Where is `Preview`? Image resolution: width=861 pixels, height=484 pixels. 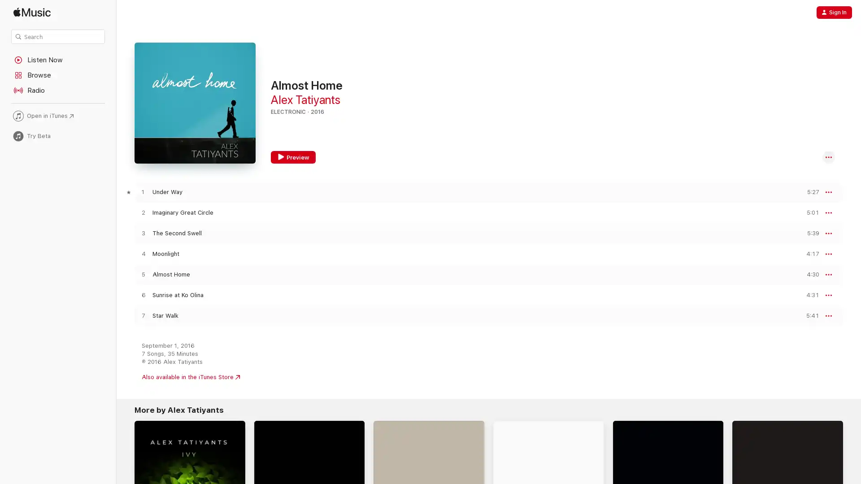 Preview is located at coordinates (809, 315).